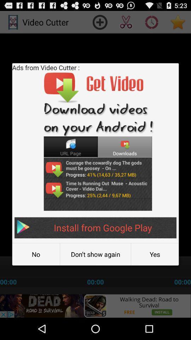  I want to click on the item next to the no button, so click(95, 254).